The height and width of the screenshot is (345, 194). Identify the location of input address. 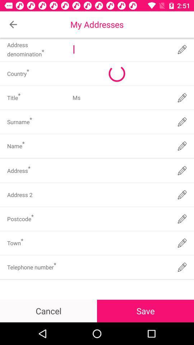
(120, 170).